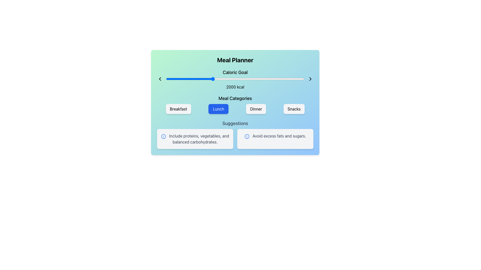  I want to click on the 'Dinner' button, which is the third button in the 'Meal Categories' row, so click(256, 108).